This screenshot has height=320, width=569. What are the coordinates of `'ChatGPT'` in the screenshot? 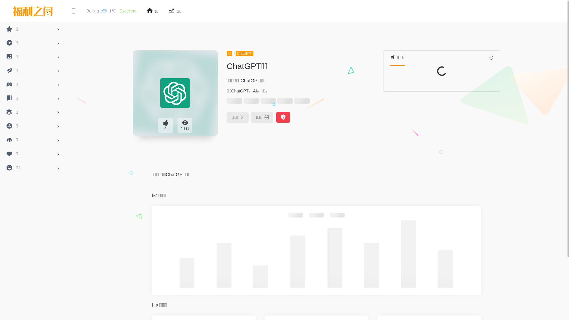 It's located at (244, 54).